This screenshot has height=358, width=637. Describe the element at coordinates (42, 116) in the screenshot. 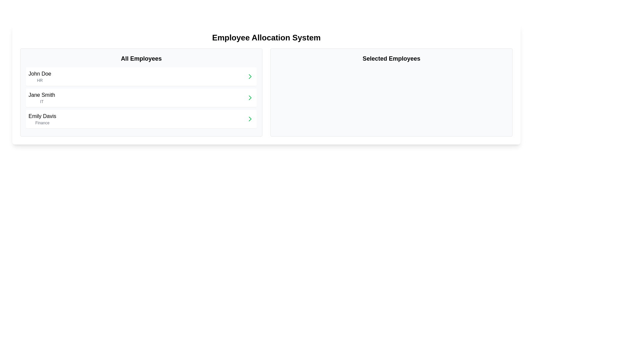

I see `the text label displaying 'Emily Davis', which is the third entry` at that location.